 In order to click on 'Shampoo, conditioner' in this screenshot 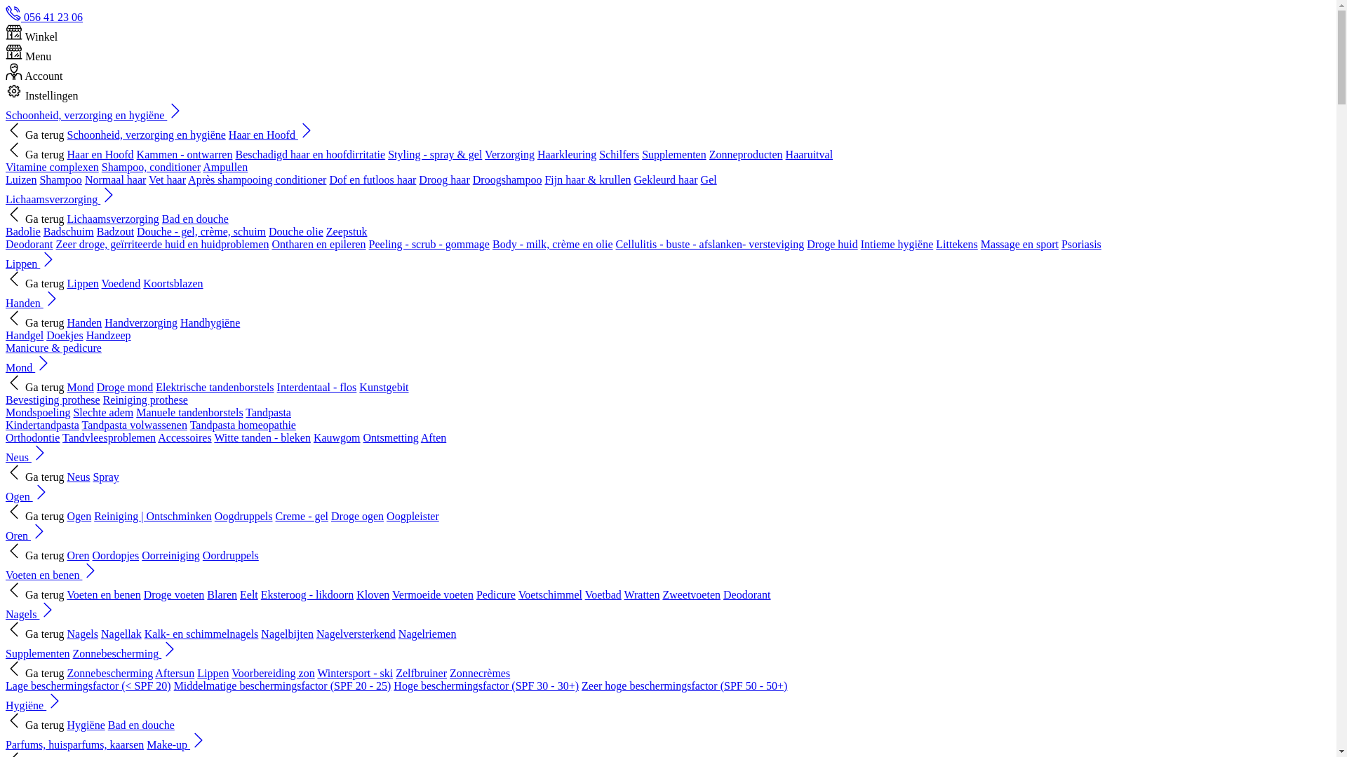, I will do `click(151, 166)`.